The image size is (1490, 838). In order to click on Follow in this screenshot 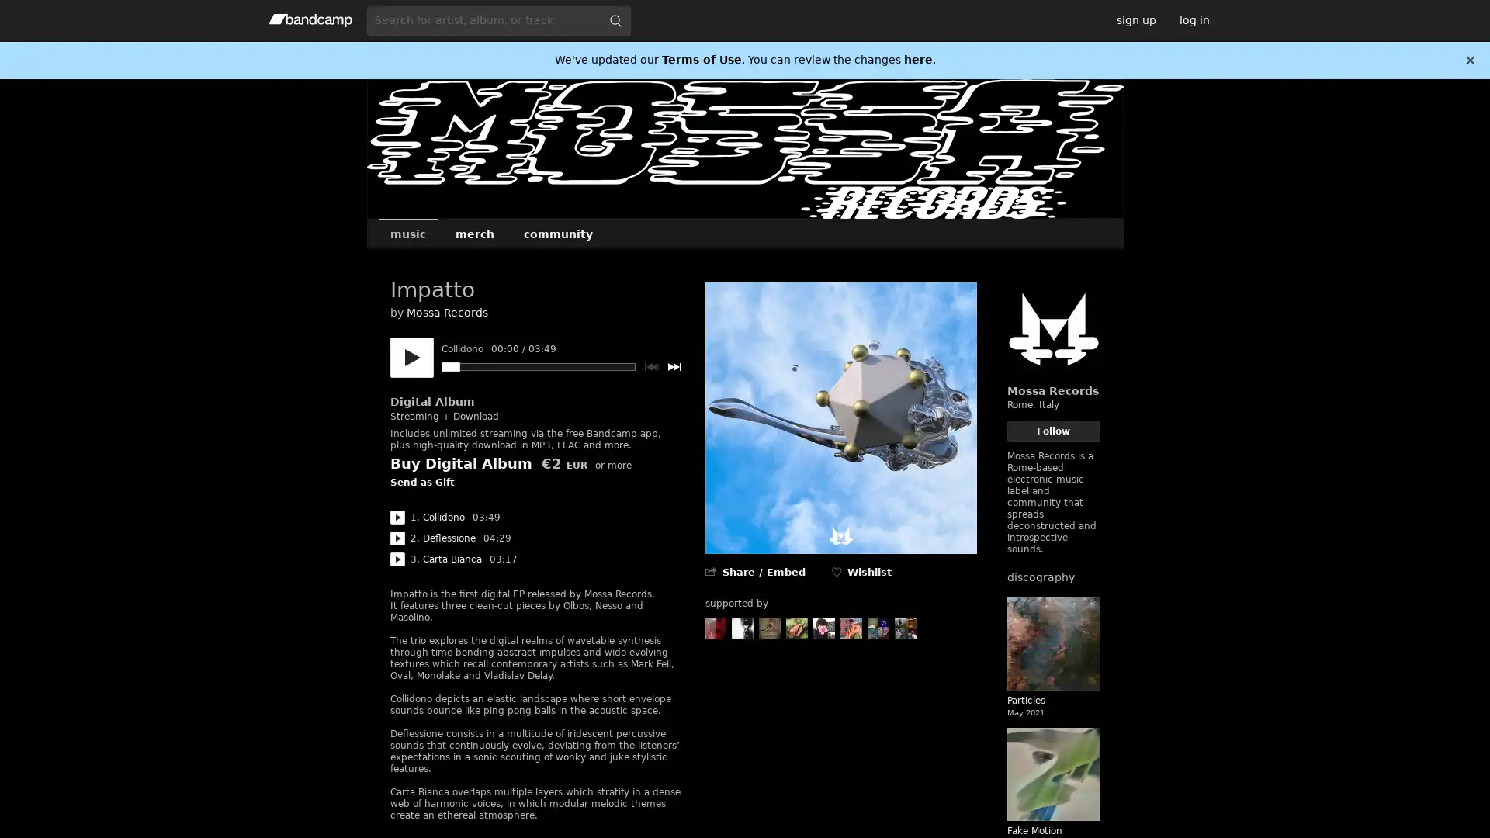, I will do `click(1053, 431)`.